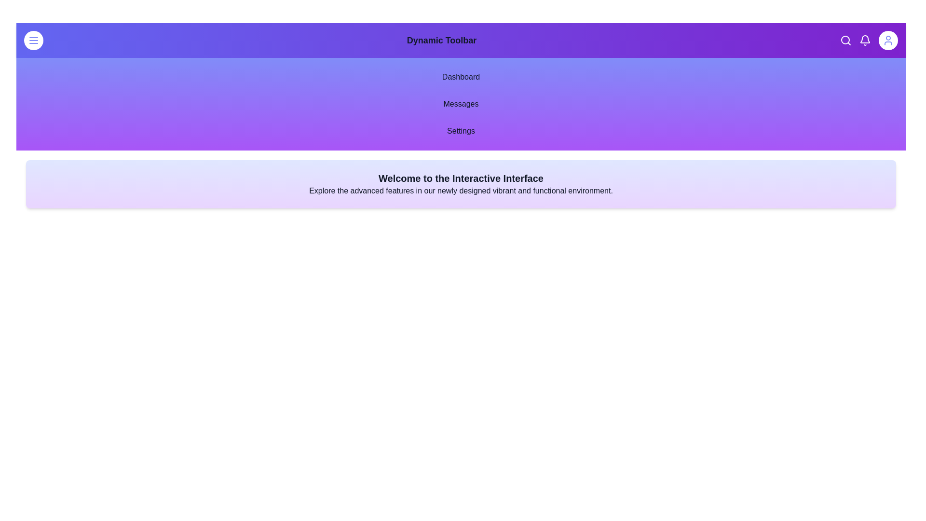 The width and height of the screenshot is (926, 521). What do you see at coordinates (460, 76) in the screenshot?
I see `the Dashboard link to navigate to the respective section` at bounding box center [460, 76].